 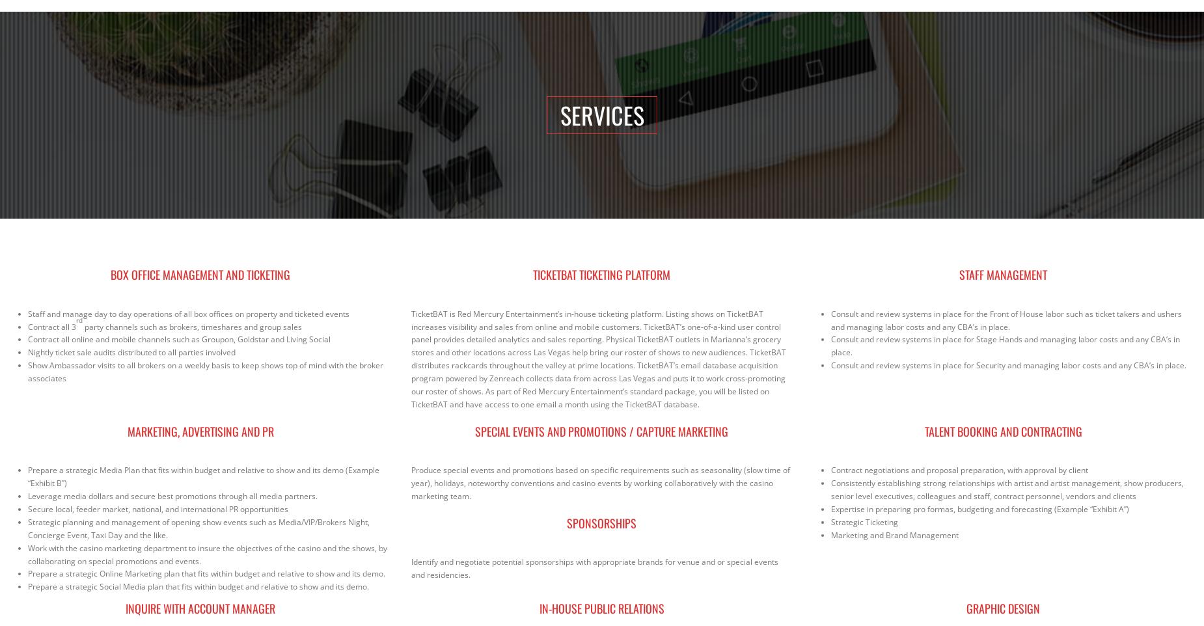 What do you see at coordinates (198, 586) in the screenshot?
I see `'Prepare a strategic Social Media plan that fits within budget and relative to show and its demo.'` at bounding box center [198, 586].